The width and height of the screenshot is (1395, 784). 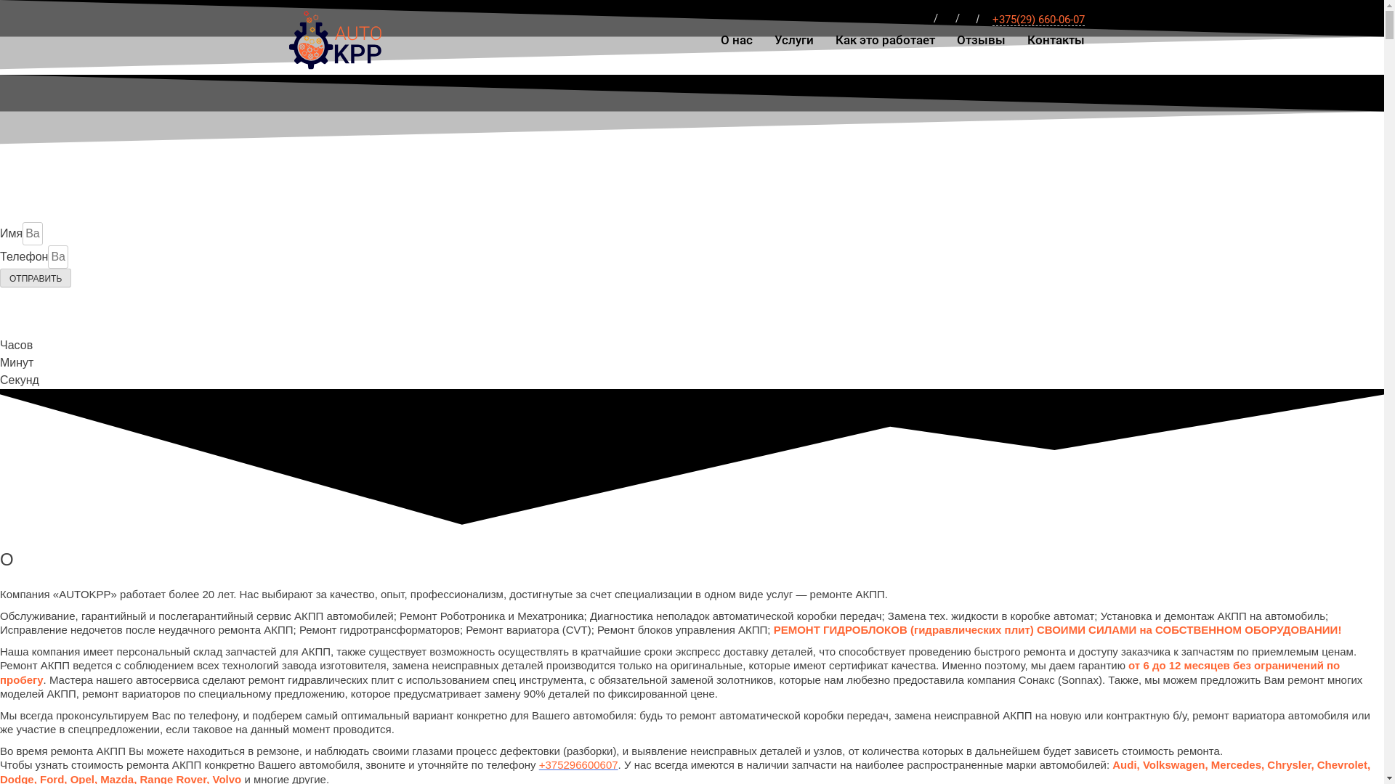 What do you see at coordinates (1038, 20) in the screenshot?
I see `'+375(29) 660-06-07'` at bounding box center [1038, 20].